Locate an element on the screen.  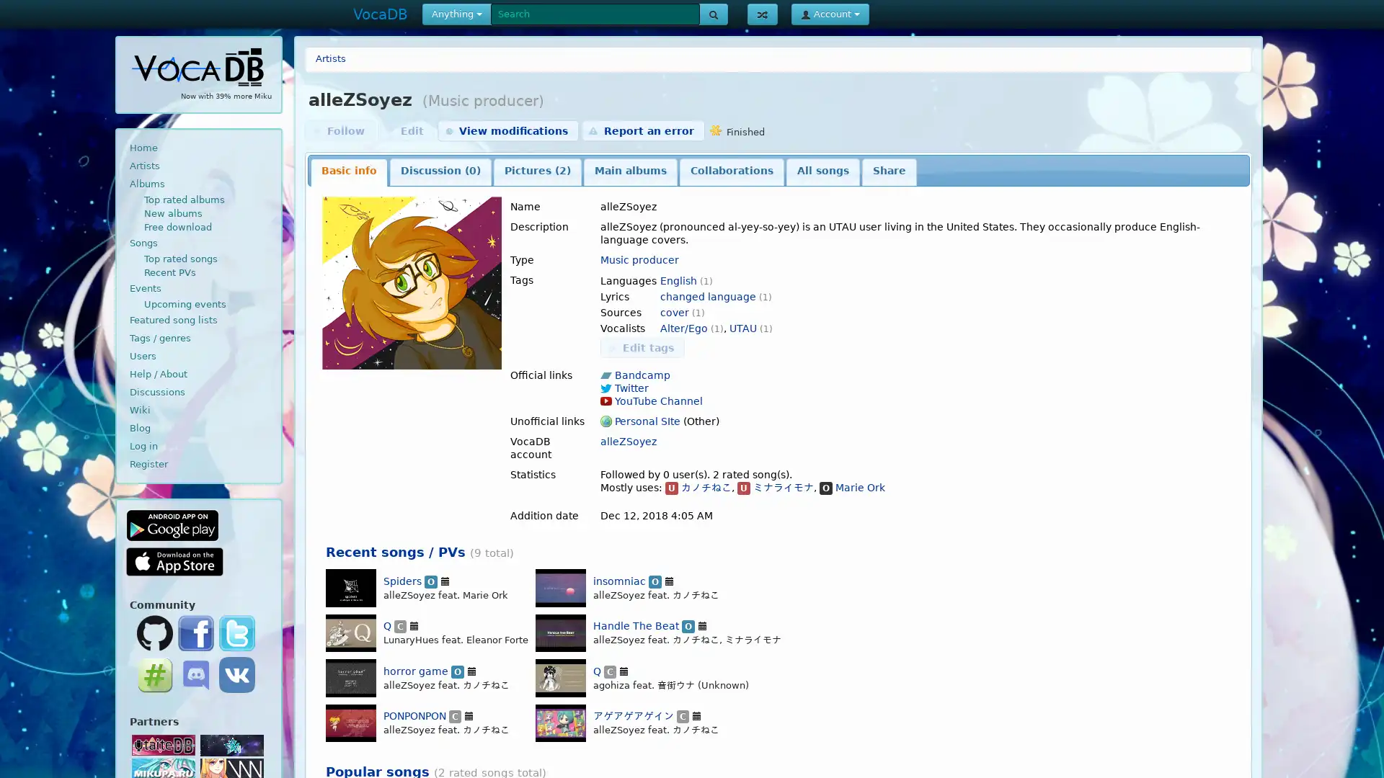
Follow is located at coordinates (339, 130).